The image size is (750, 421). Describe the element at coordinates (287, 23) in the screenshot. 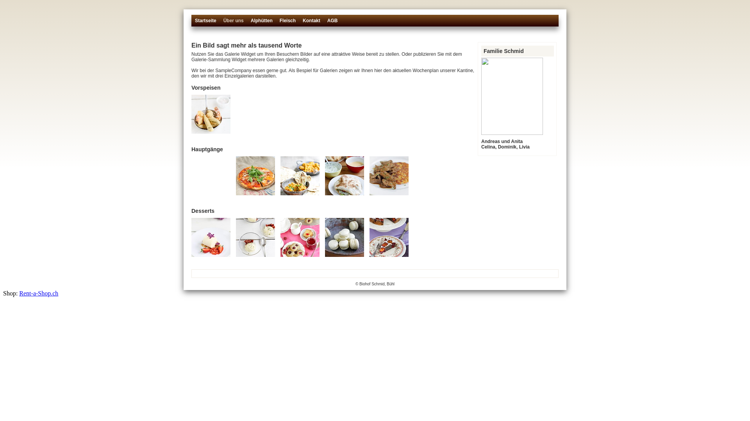

I see `'Fleisch'` at that location.